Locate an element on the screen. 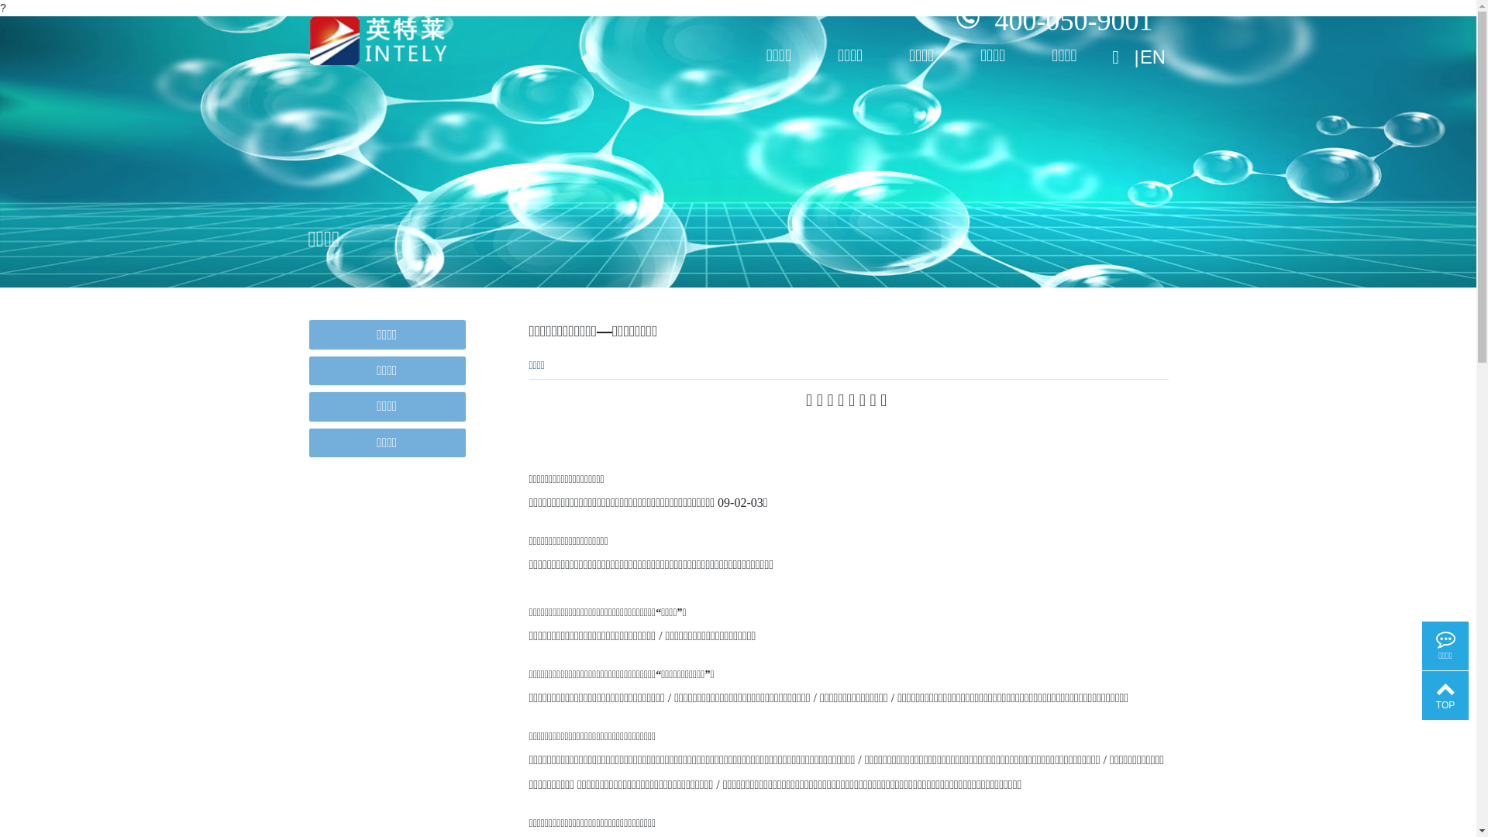  'EN' is located at coordinates (1153, 50).